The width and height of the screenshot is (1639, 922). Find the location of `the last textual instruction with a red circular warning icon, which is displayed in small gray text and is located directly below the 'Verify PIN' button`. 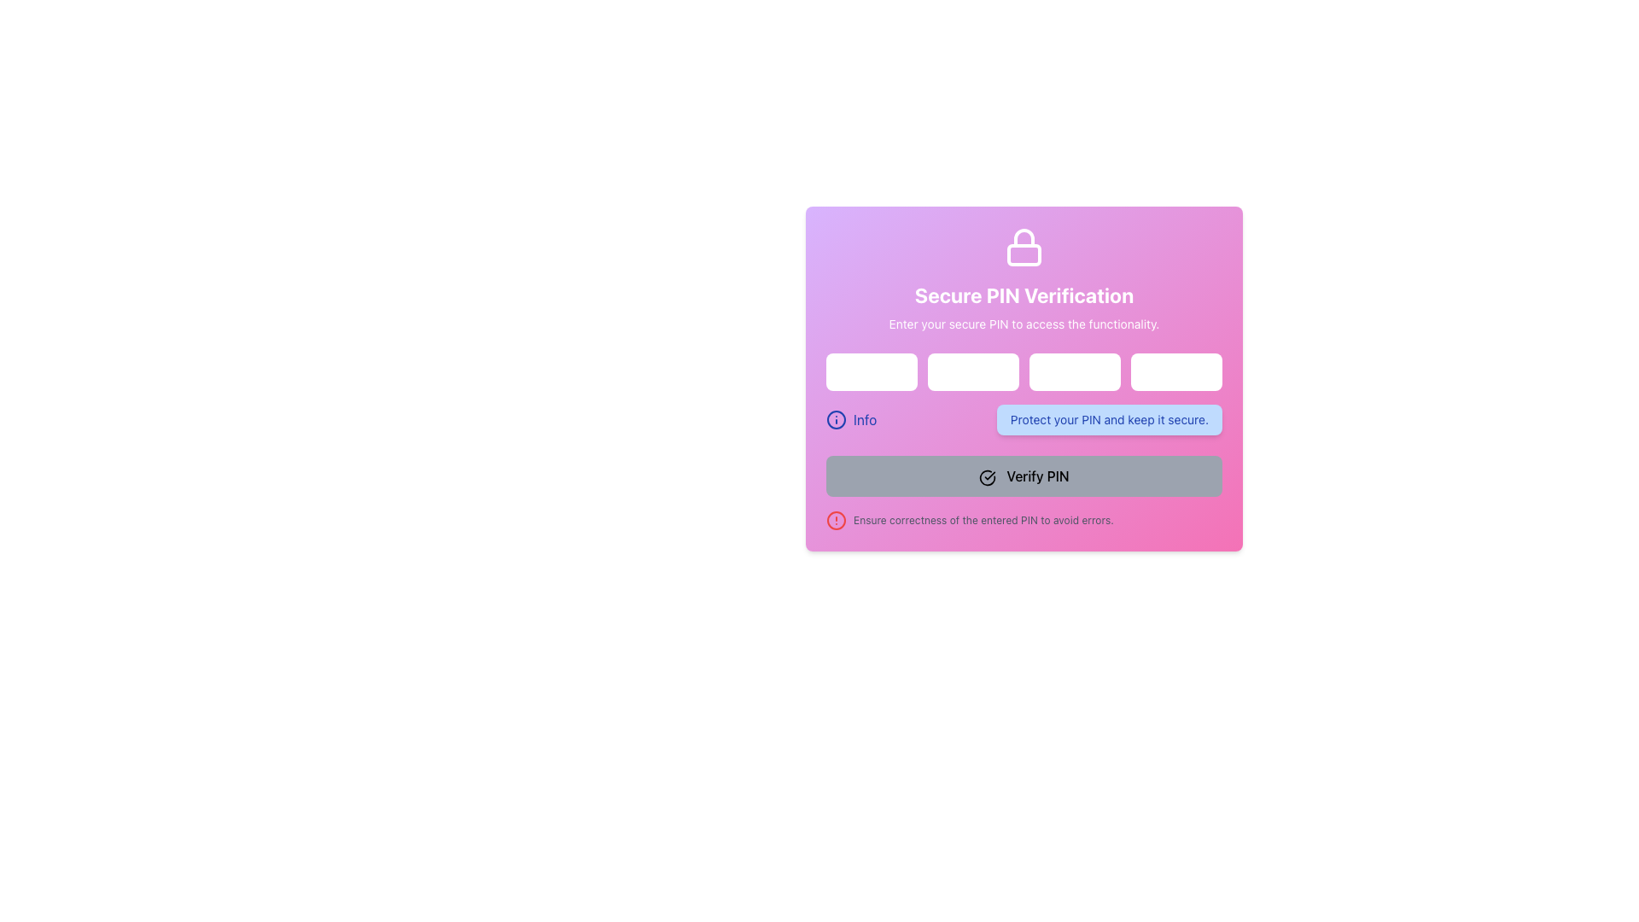

the last textual instruction with a red circular warning icon, which is displayed in small gray text and is located directly below the 'Verify PIN' button is located at coordinates (1024, 519).